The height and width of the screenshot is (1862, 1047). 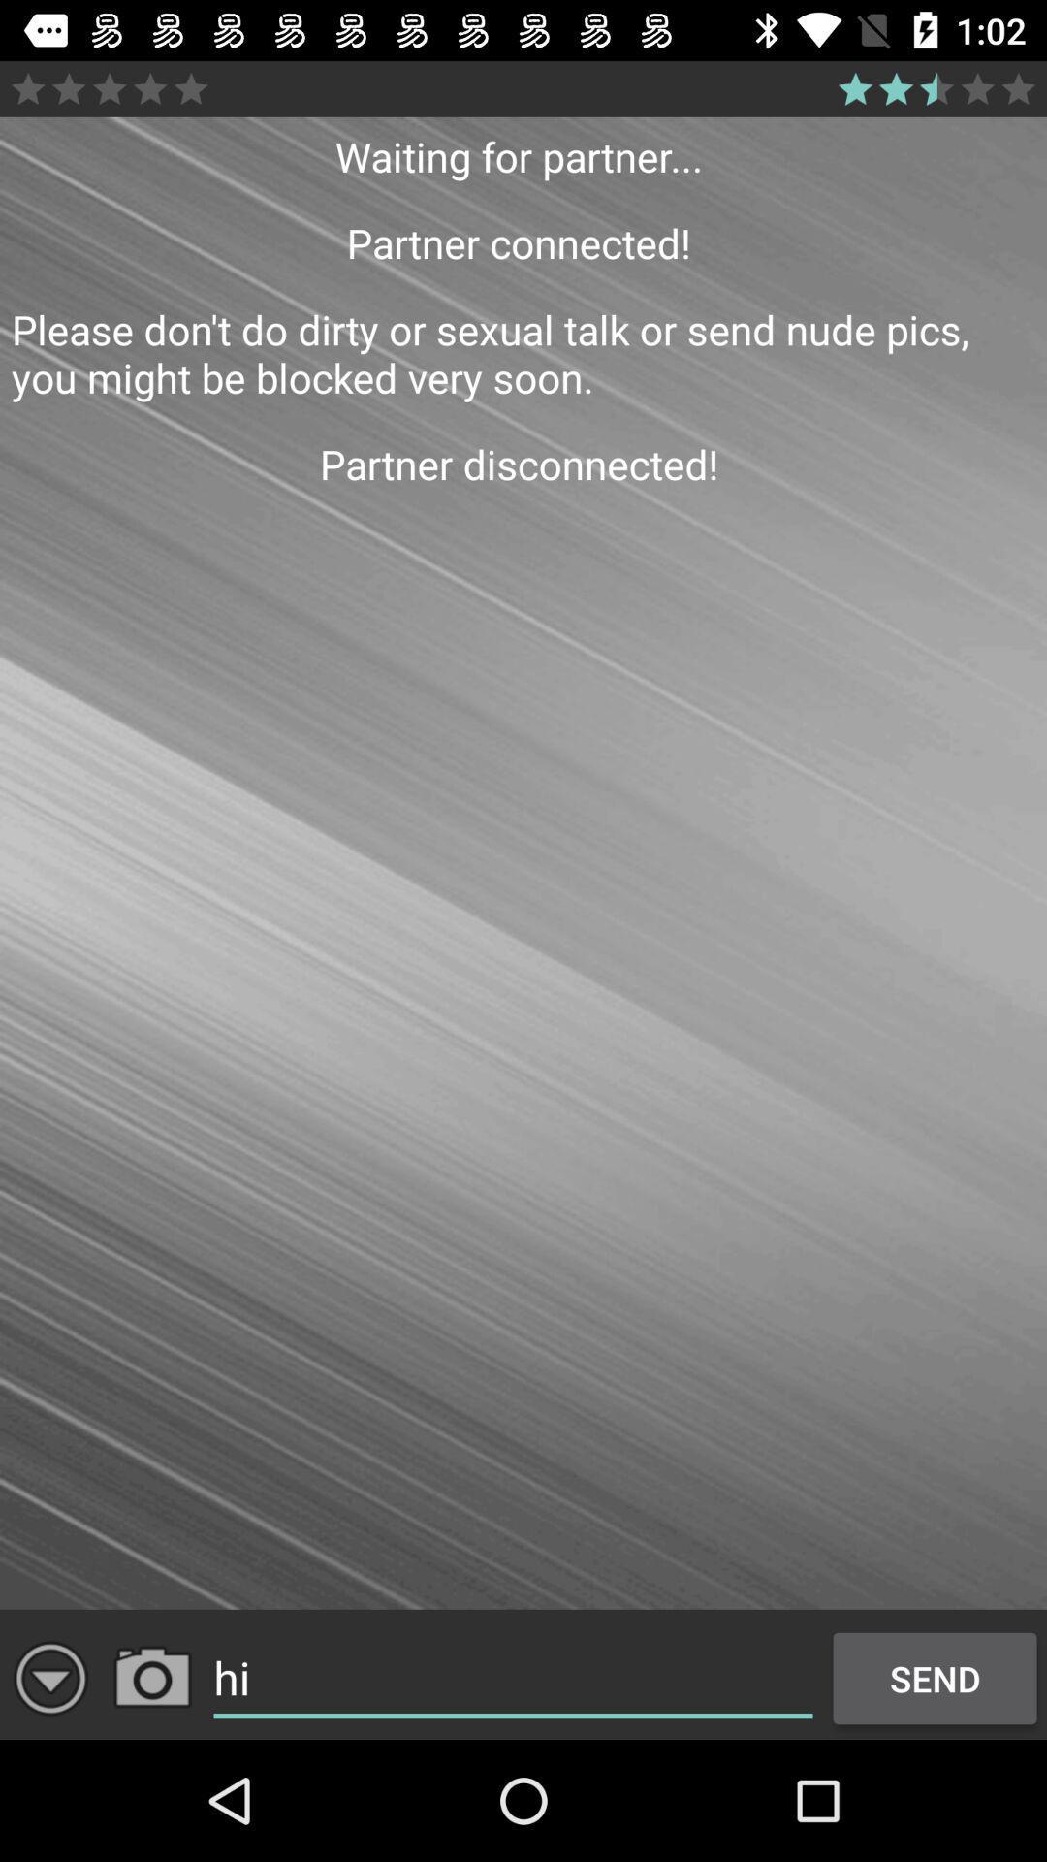 I want to click on the expand_more icon, so click(x=49, y=1678).